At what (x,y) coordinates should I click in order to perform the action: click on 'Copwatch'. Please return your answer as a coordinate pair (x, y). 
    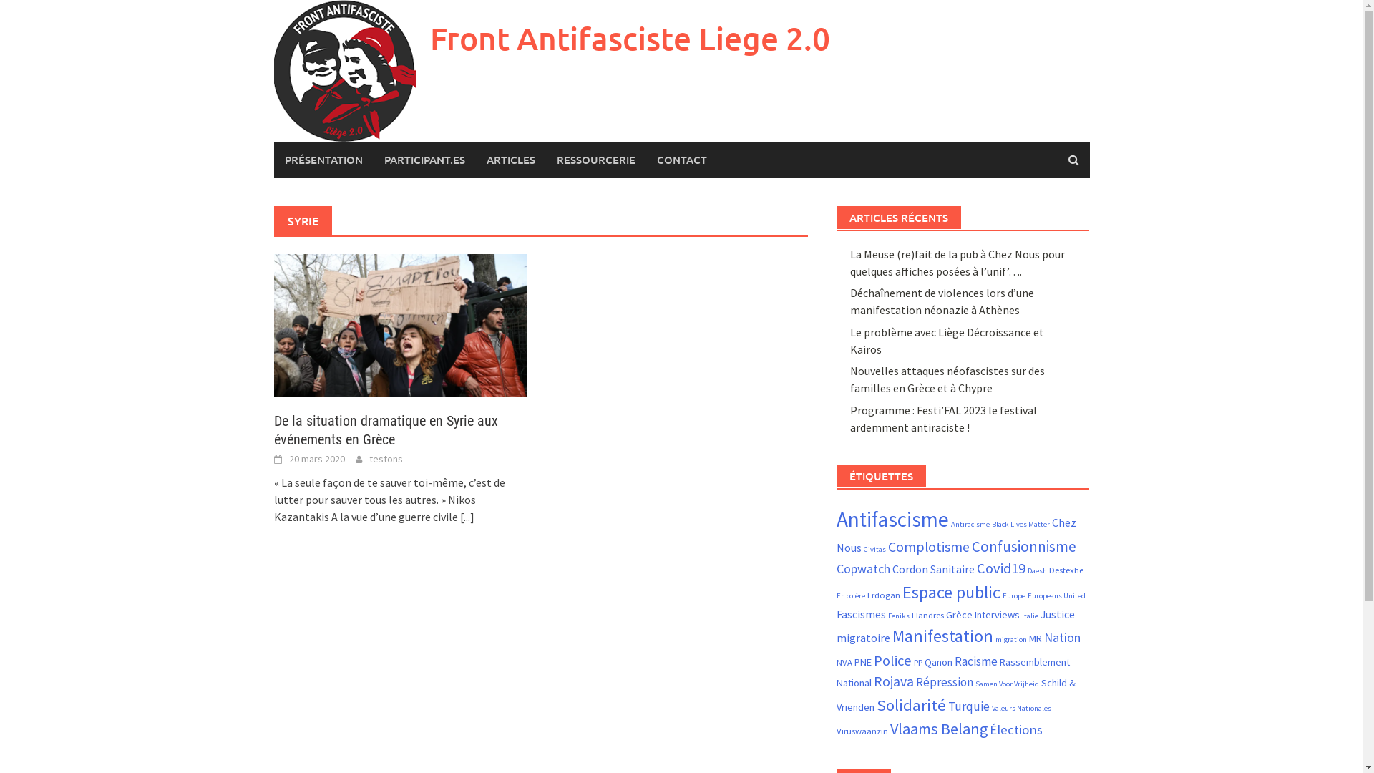
    Looking at the image, I should click on (862, 568).